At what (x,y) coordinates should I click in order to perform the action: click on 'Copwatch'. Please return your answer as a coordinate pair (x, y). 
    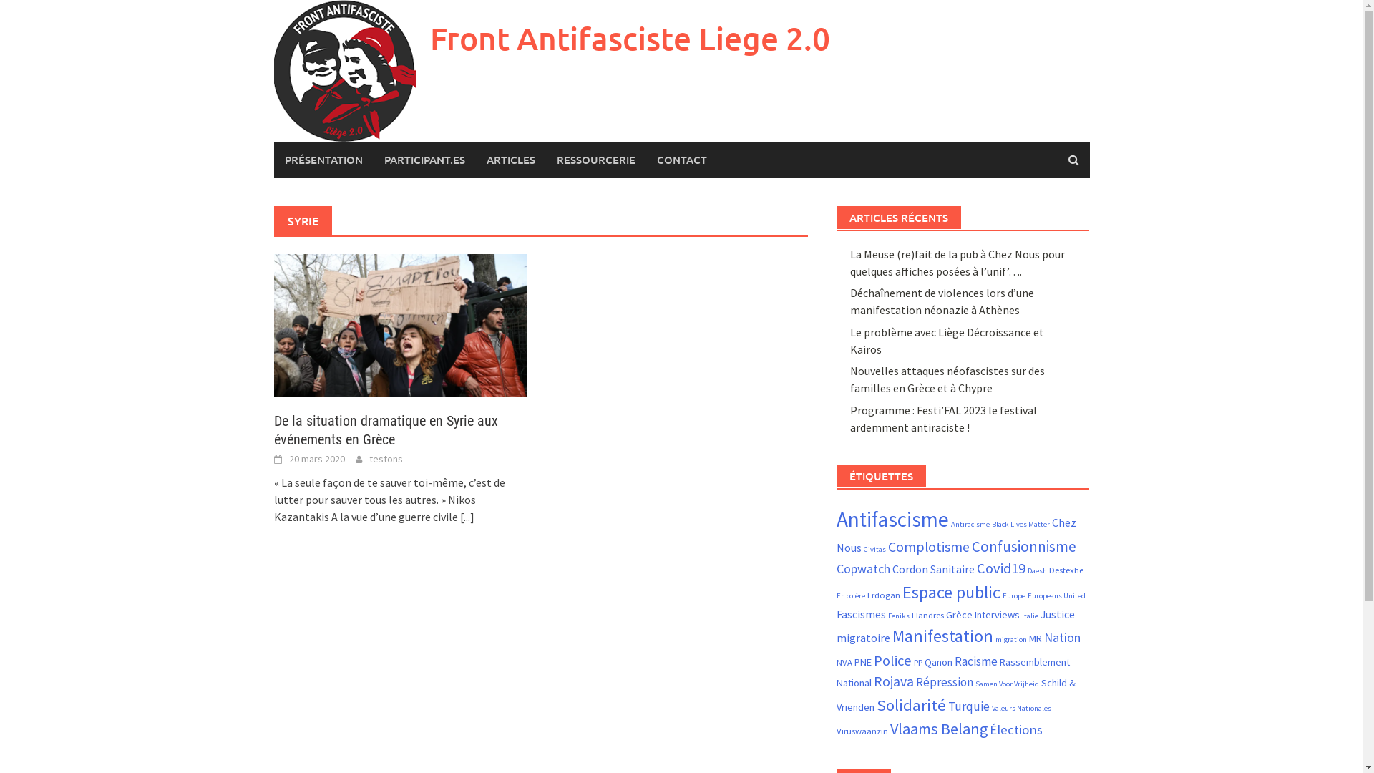
    Looking at the image, I should click on (862, 568).